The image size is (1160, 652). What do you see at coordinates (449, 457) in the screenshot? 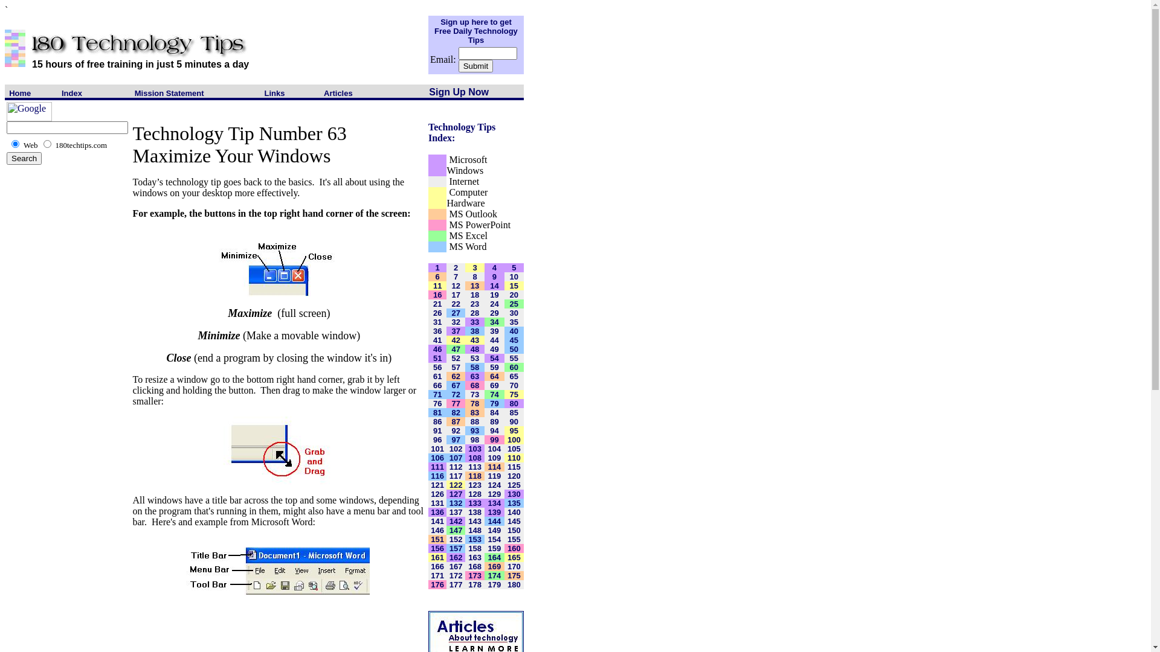
I see `'107'` at bounding box center [449, 457].